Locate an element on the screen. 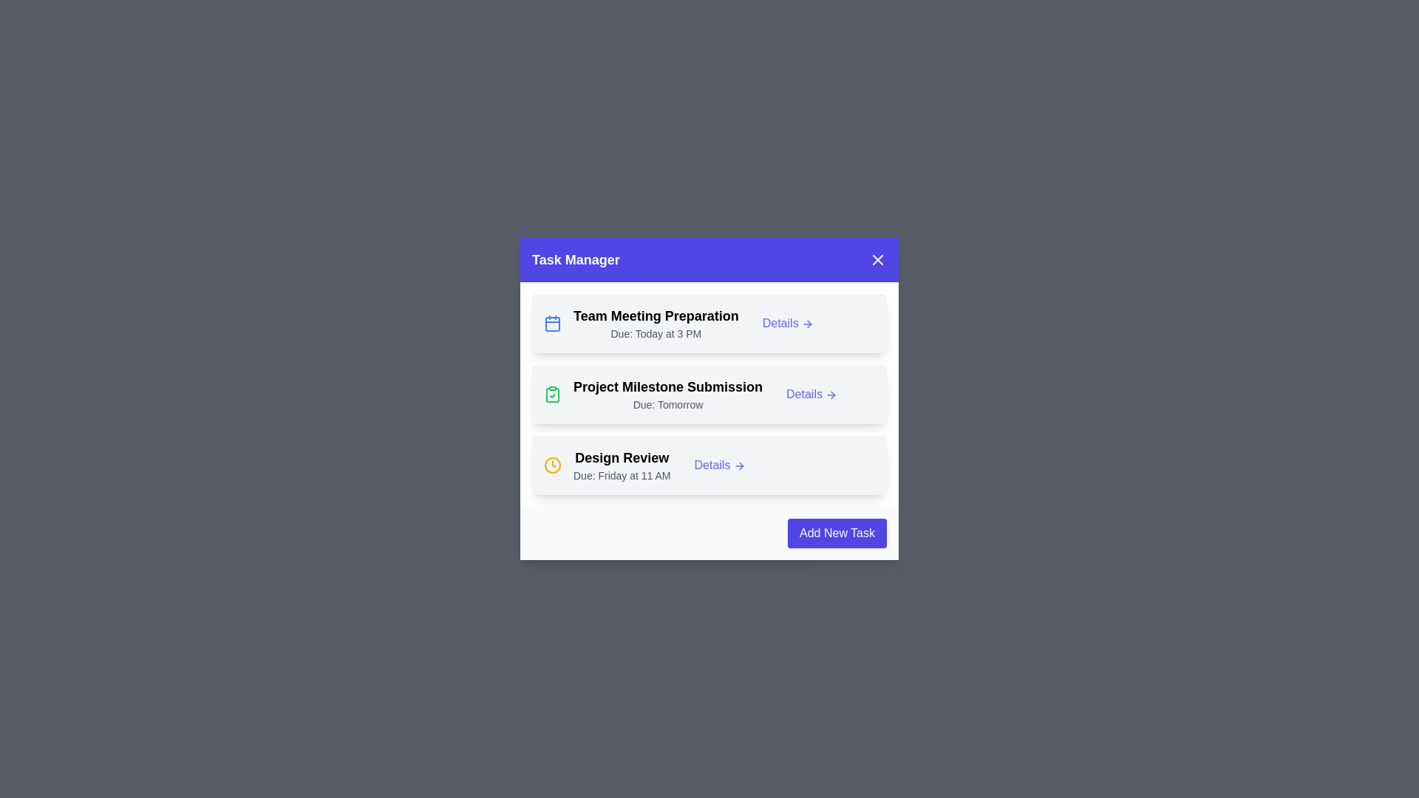  the static text display element reading 'Due: Today at 3 PM', which is located directly below the title 'Team Meeting Preparation' in the task manager interface is located at coordinates (655, 333).